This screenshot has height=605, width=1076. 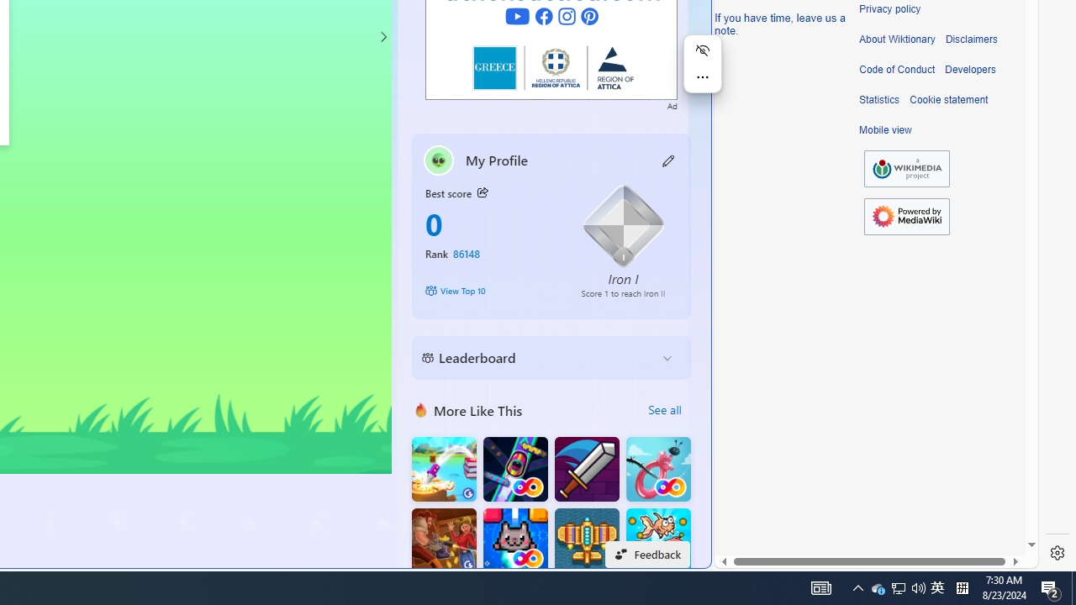 What do you see at coordinates (971, 39) in the screenshot?
I see `'Disclaimers'` at bounding box center [971, 39].